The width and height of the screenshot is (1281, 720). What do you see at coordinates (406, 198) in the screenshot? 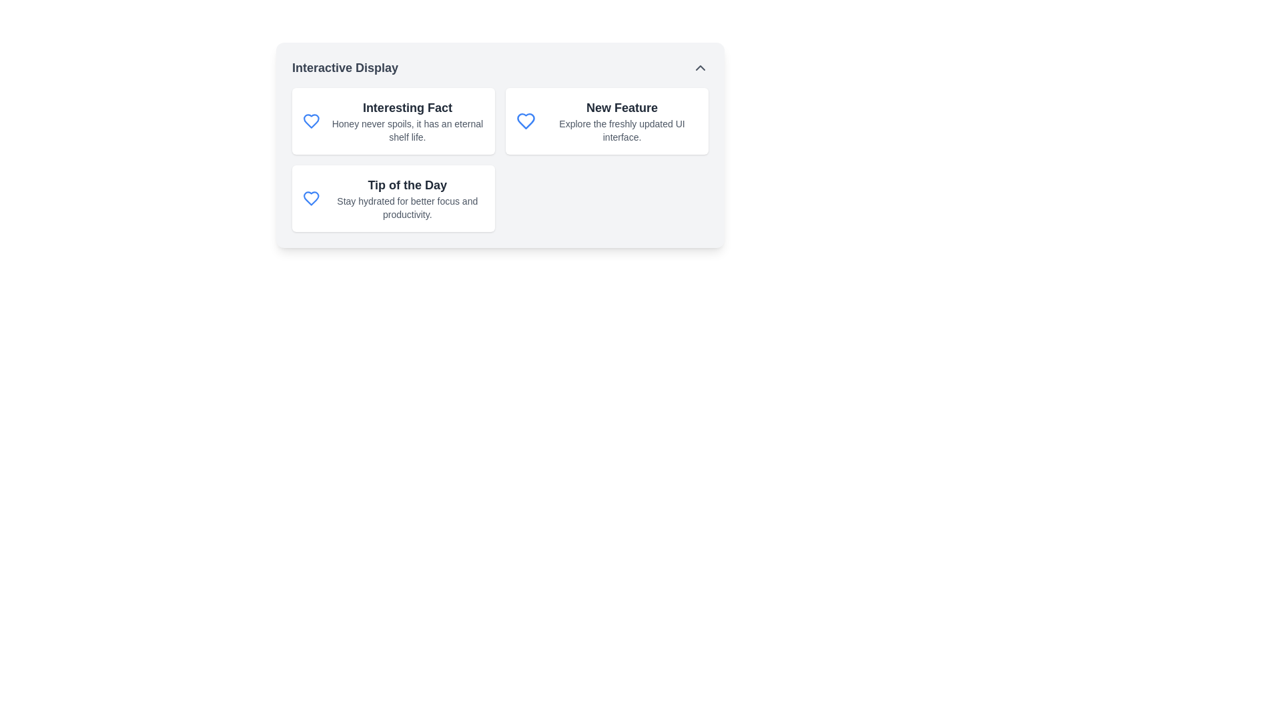
I see `the Text display component that combines a title and description, which is located in the second column of the interface, beneath the 'Interesting Fact' block` at bounding box center [406, 198].